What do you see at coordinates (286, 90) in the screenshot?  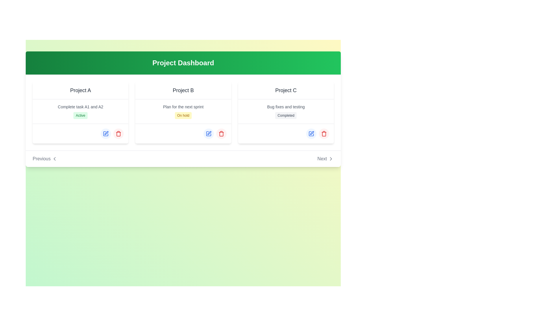 I see `the prominently styled text label displaying 'Project C' which is located in the top-center of the rightmost card of three horizontal cards` at bounding box center [286, 90].